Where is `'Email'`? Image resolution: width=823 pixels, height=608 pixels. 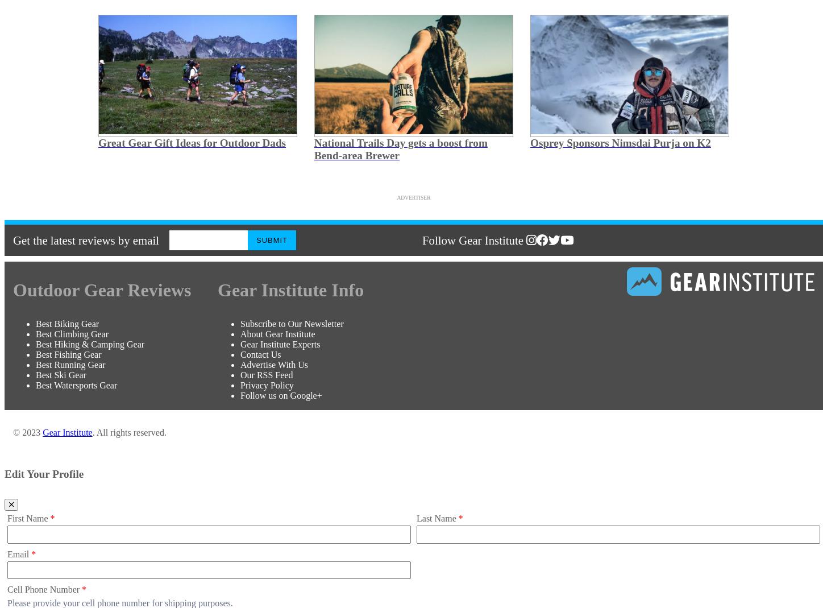 'Email' is located at coordinates (19, 553).